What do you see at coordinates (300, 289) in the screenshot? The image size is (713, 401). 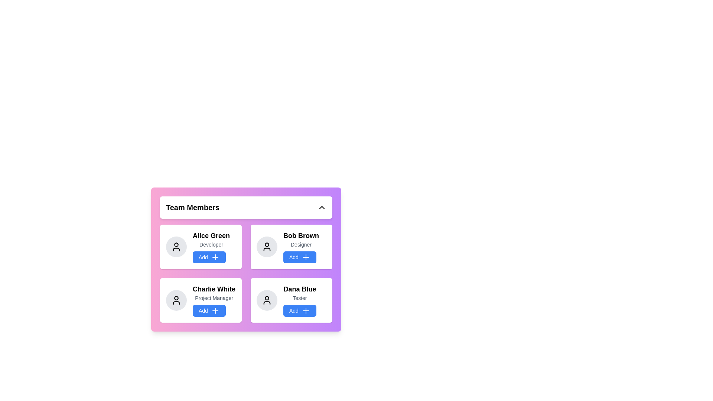 I see `the static text label displaying the name 'Dana Blue', which represents a person's identity in a team context` at bounding box center [300, 289].